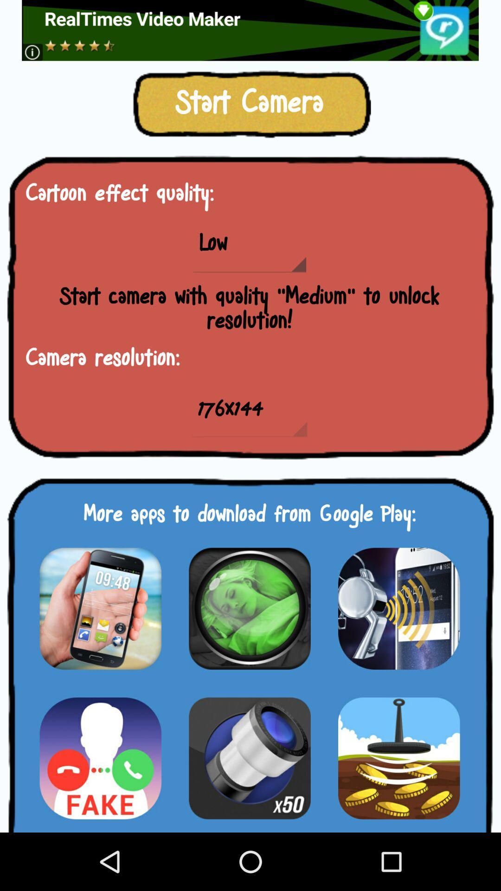  What do you see at coordinates (100, 608) in the screenshot?
I see `download app` at bounding box center [100, 608].